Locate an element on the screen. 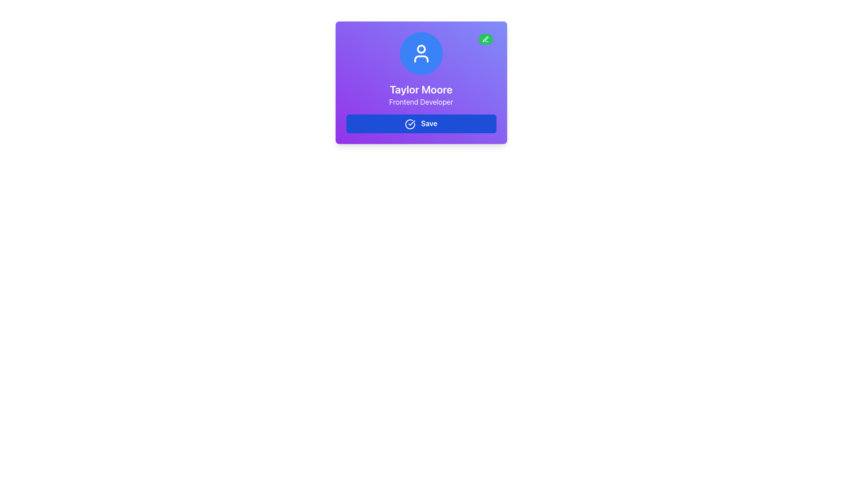 Image resolution: width=858 pixels, height=483 pixels. the text label indicating the name of a user or entity, which is centrally located within a card component above the 'Frontend Developer' text is located at coordinates (421, 89).